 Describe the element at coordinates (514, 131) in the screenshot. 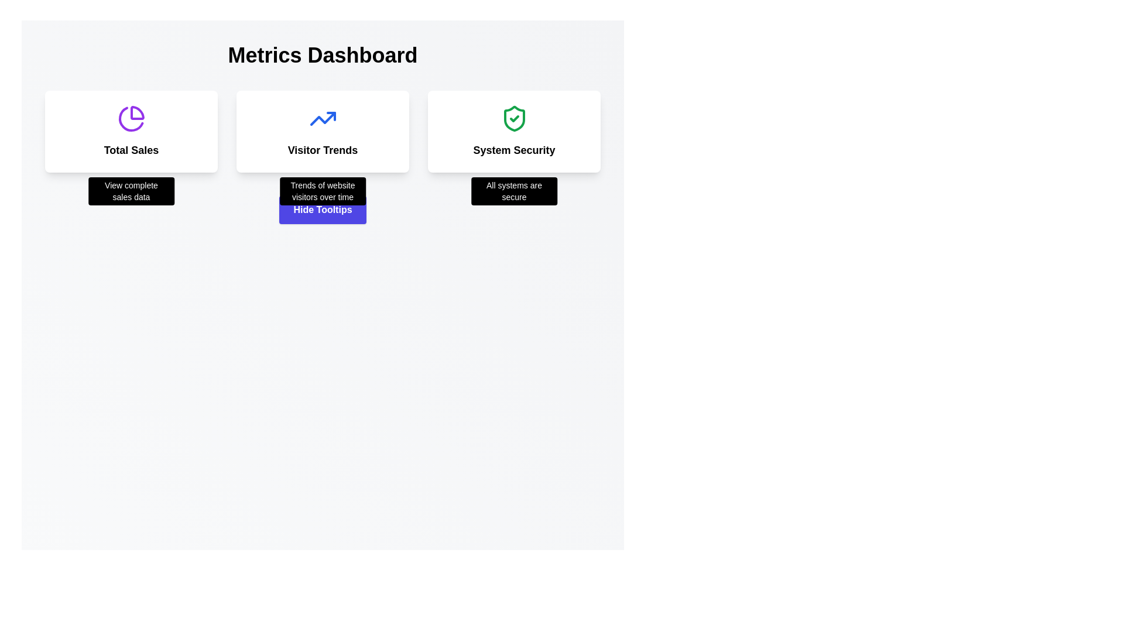

I see `the Descriptive card, which indicates the system security status and is the rightmost card in the grid of three cards` at that location.